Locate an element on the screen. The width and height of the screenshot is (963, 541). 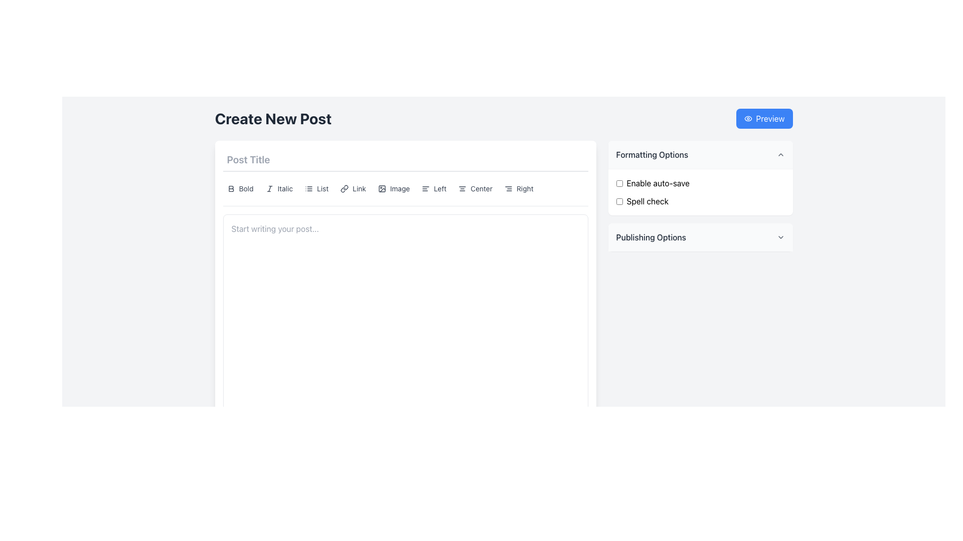
the sixth button from the left in the toolbar to apply center alignment to the selected text or paragraph is located at coordinates (475, 189).